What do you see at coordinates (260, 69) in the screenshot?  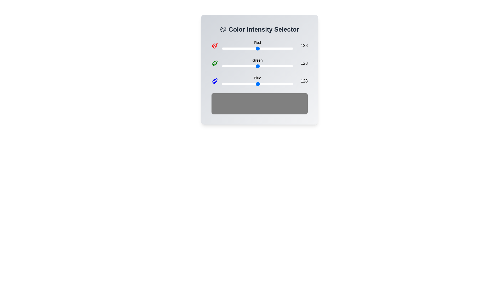 I see `the RGB color intensity adjustment panel` at bounding box center [260, 69].